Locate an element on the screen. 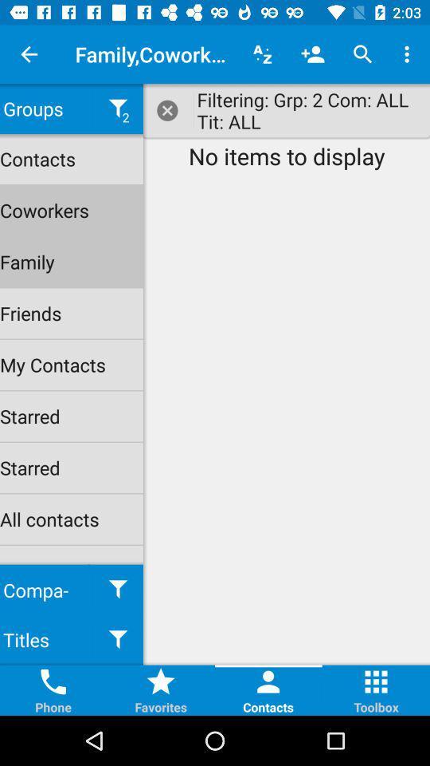 The height and width of the screenshot is (766, 430). the close icon is located at coordinates (167, 109).